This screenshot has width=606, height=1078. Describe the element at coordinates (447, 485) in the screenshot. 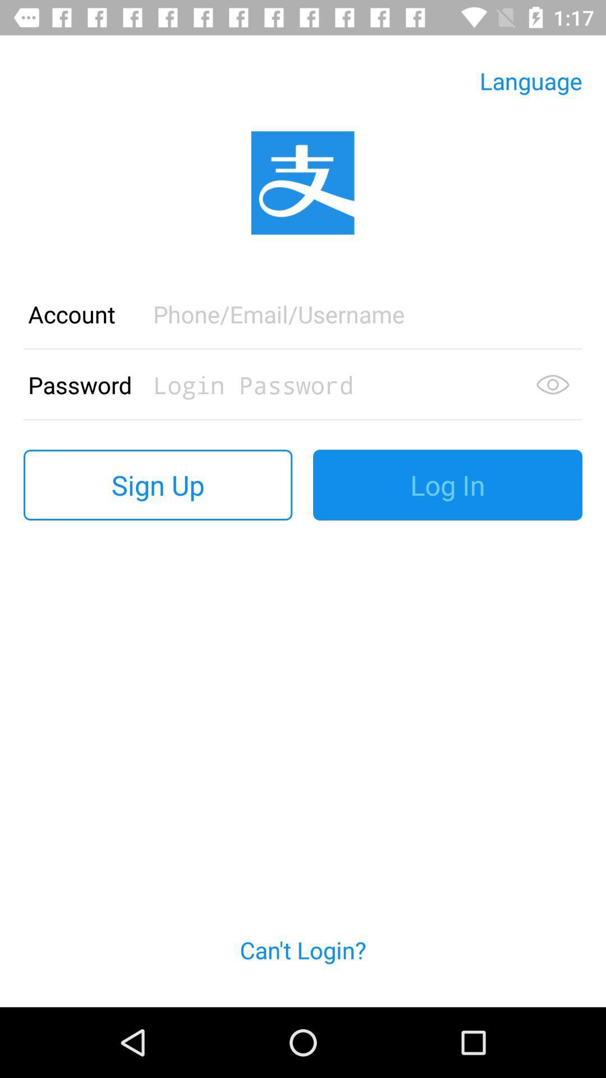

I see `the icon next to the sign up` at that location.